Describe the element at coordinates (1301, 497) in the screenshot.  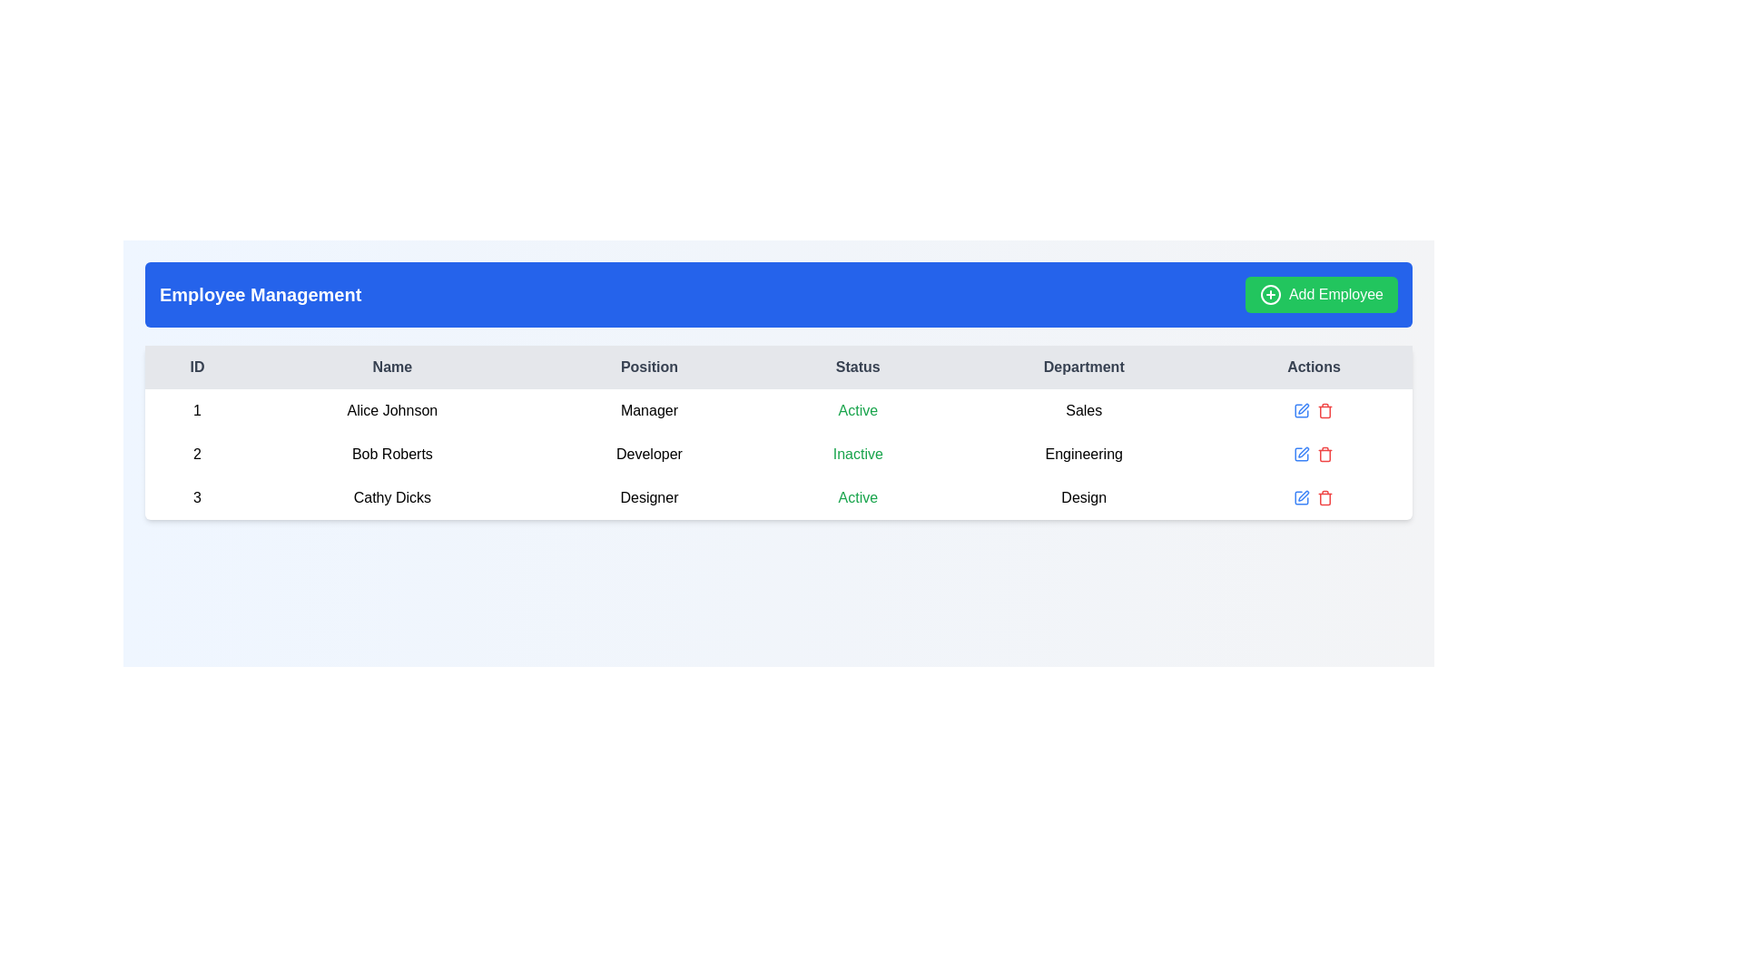
I see `the edit button located in the 'Actions' column of the last row of the table, which is the first icon to the left of a red trash bin icon` at that location.